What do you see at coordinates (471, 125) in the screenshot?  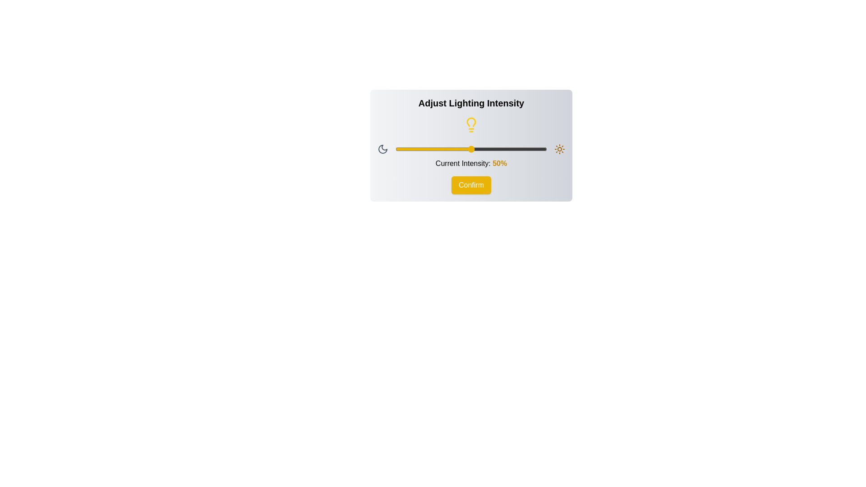 I see `the Lightbulb icon to interact with it` at bounding box center [471, 125].